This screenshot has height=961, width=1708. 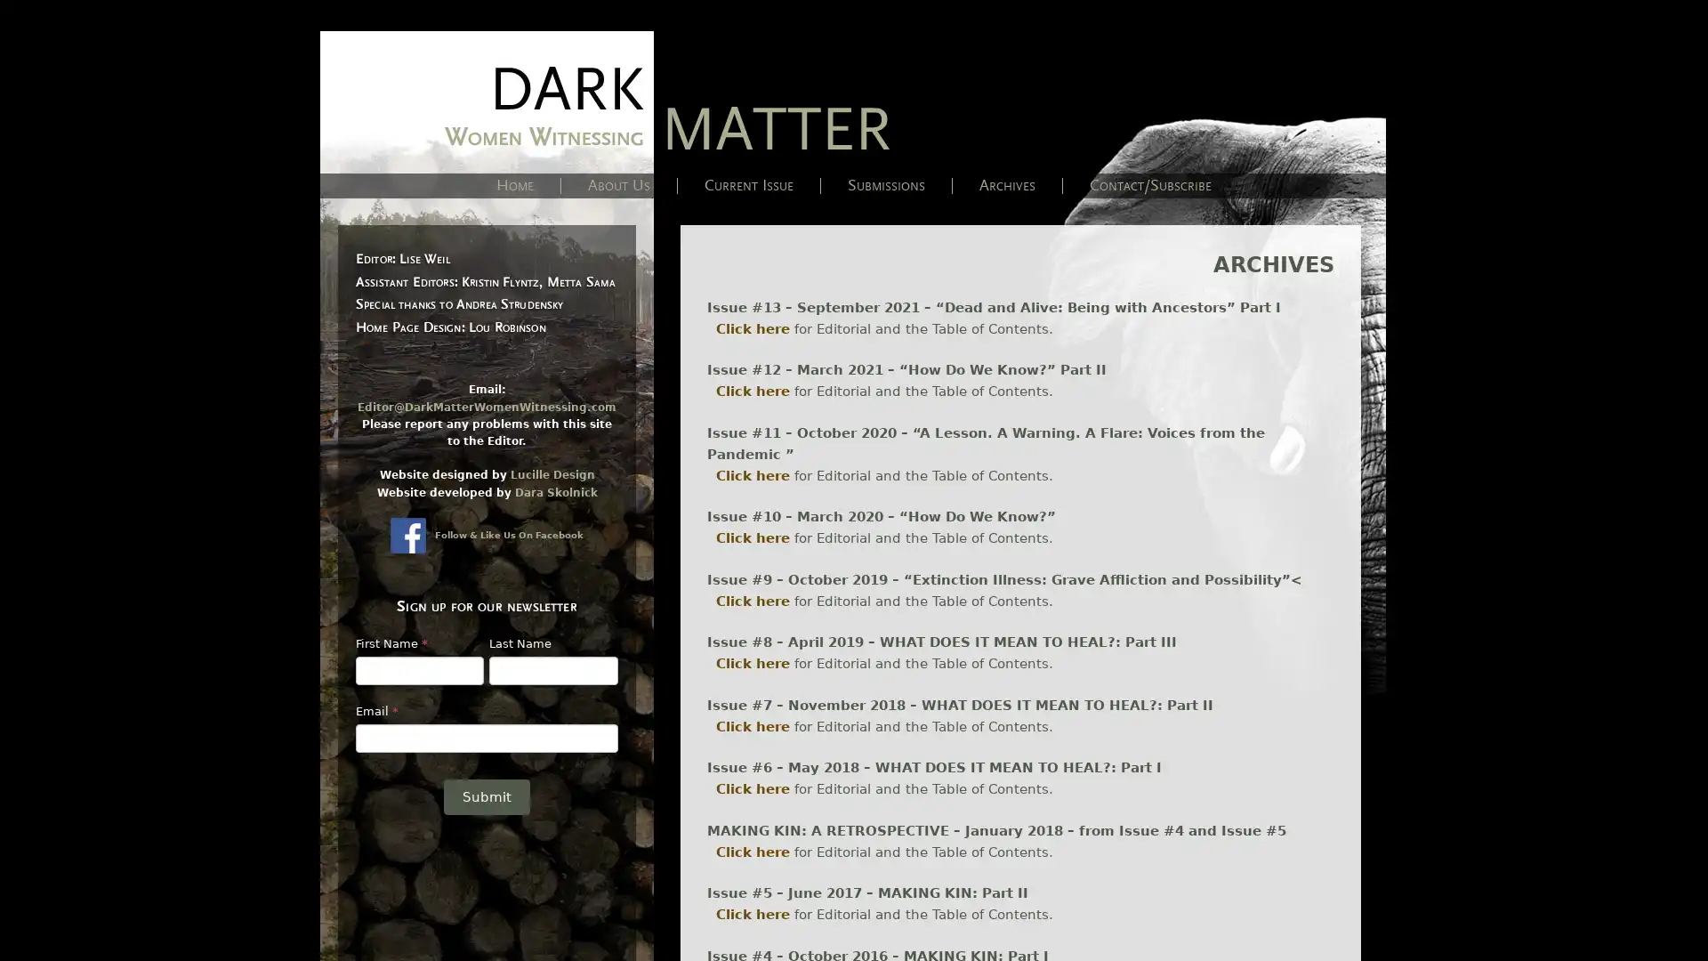 What do you see at coordinates (486, 795) in the screenshot?
I see `Submit` at bounding box center [486, 795].